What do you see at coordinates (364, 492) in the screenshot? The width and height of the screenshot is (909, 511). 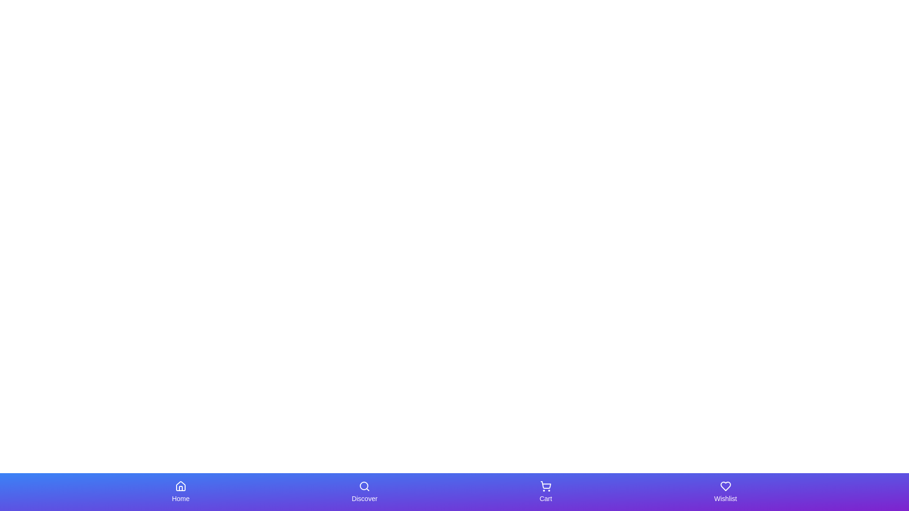 I see `the Discover button to select the corresponding tab` at bounding box center [364, 492].